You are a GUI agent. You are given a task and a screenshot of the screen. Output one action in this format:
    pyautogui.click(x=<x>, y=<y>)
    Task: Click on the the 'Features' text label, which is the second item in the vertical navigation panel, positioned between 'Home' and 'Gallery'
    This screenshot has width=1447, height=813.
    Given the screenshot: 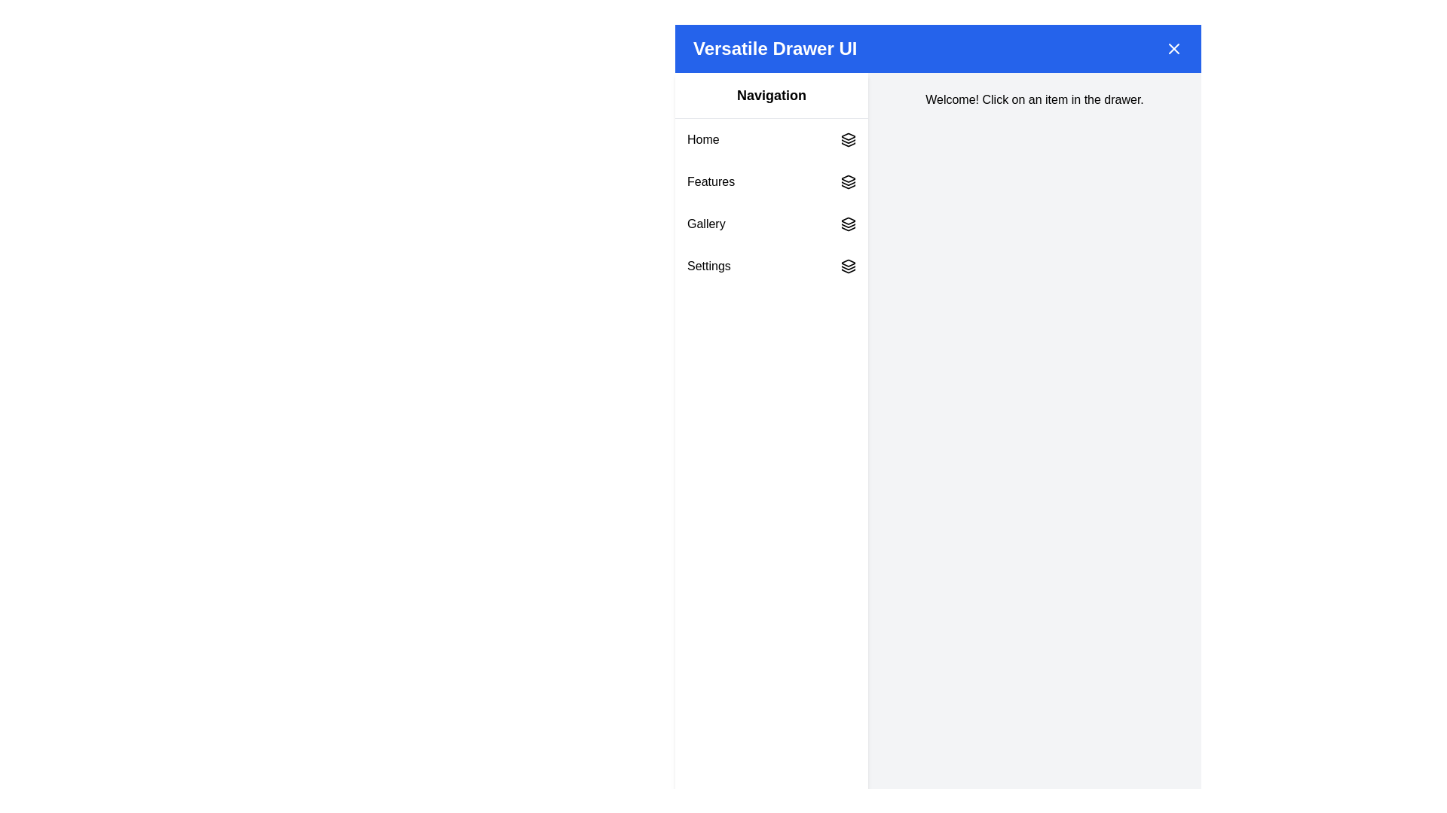 What is the action you would take?
    pyautogui.click(x=710, y=181)
    